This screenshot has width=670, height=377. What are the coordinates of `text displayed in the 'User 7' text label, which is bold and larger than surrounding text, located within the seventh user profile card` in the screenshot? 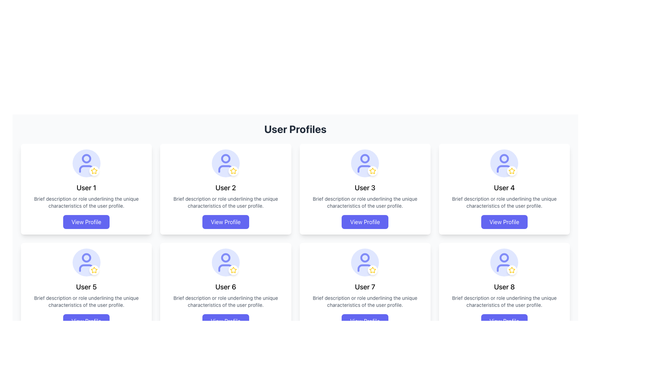 It's located at (365, 287).